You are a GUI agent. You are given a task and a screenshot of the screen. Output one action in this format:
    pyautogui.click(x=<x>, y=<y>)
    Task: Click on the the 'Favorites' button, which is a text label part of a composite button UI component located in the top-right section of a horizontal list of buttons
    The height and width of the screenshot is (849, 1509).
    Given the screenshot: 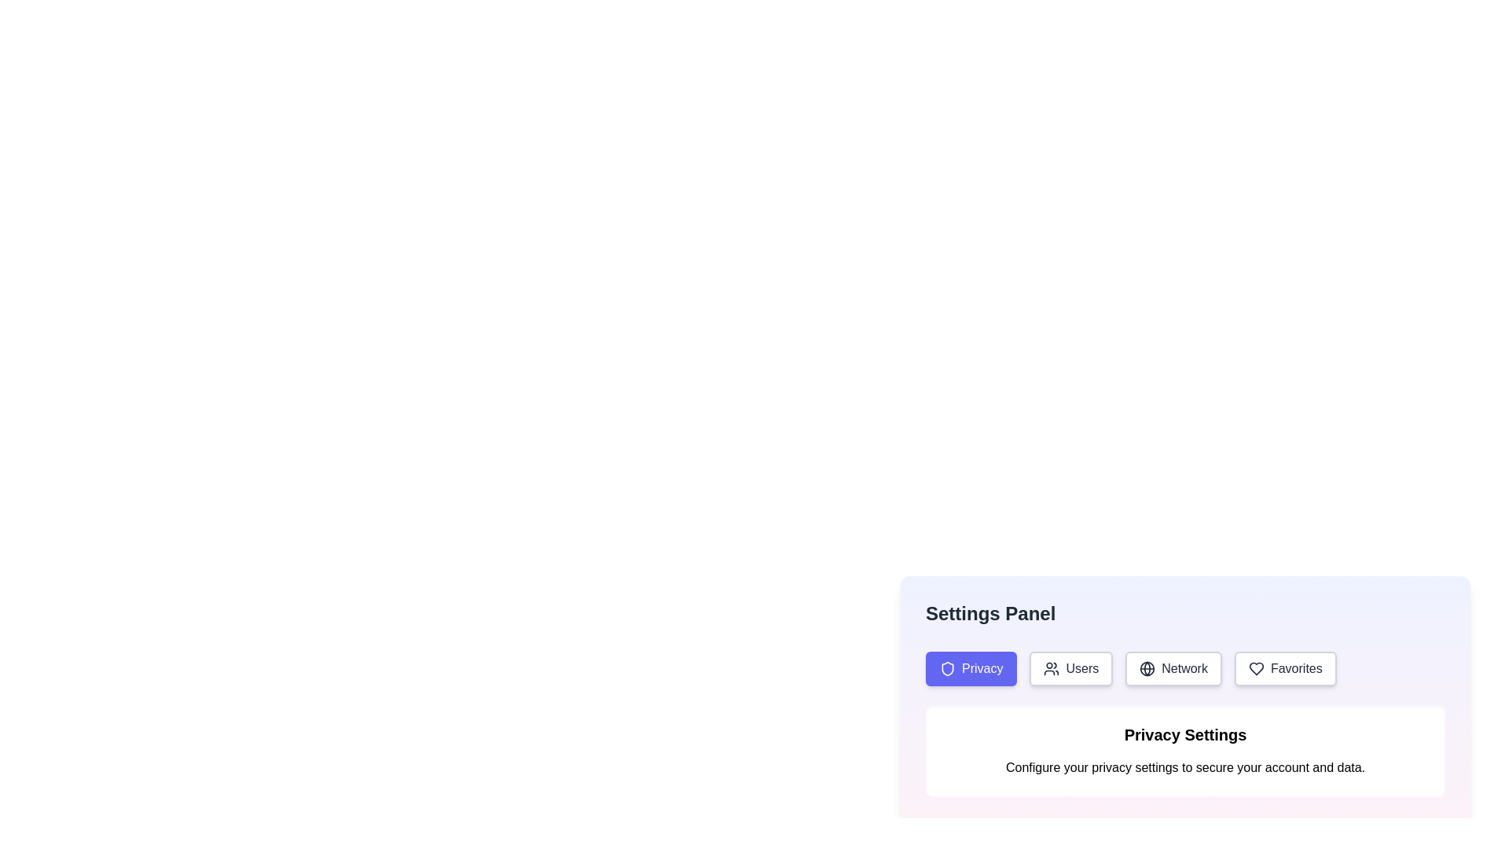 What is the action you would take?
    pyautogui.click(x=1296, y=669)
    